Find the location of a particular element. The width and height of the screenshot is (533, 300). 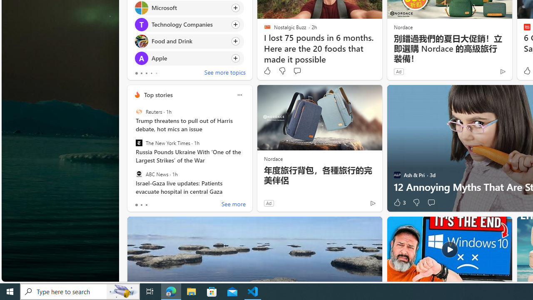

'Reuters' is located at coordinates (139, 111).